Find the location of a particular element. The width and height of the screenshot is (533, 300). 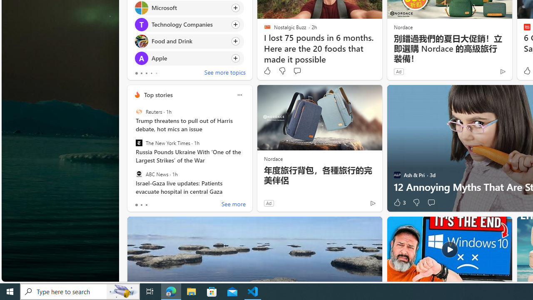

'Reuters' is located at coordinates (139, 111).